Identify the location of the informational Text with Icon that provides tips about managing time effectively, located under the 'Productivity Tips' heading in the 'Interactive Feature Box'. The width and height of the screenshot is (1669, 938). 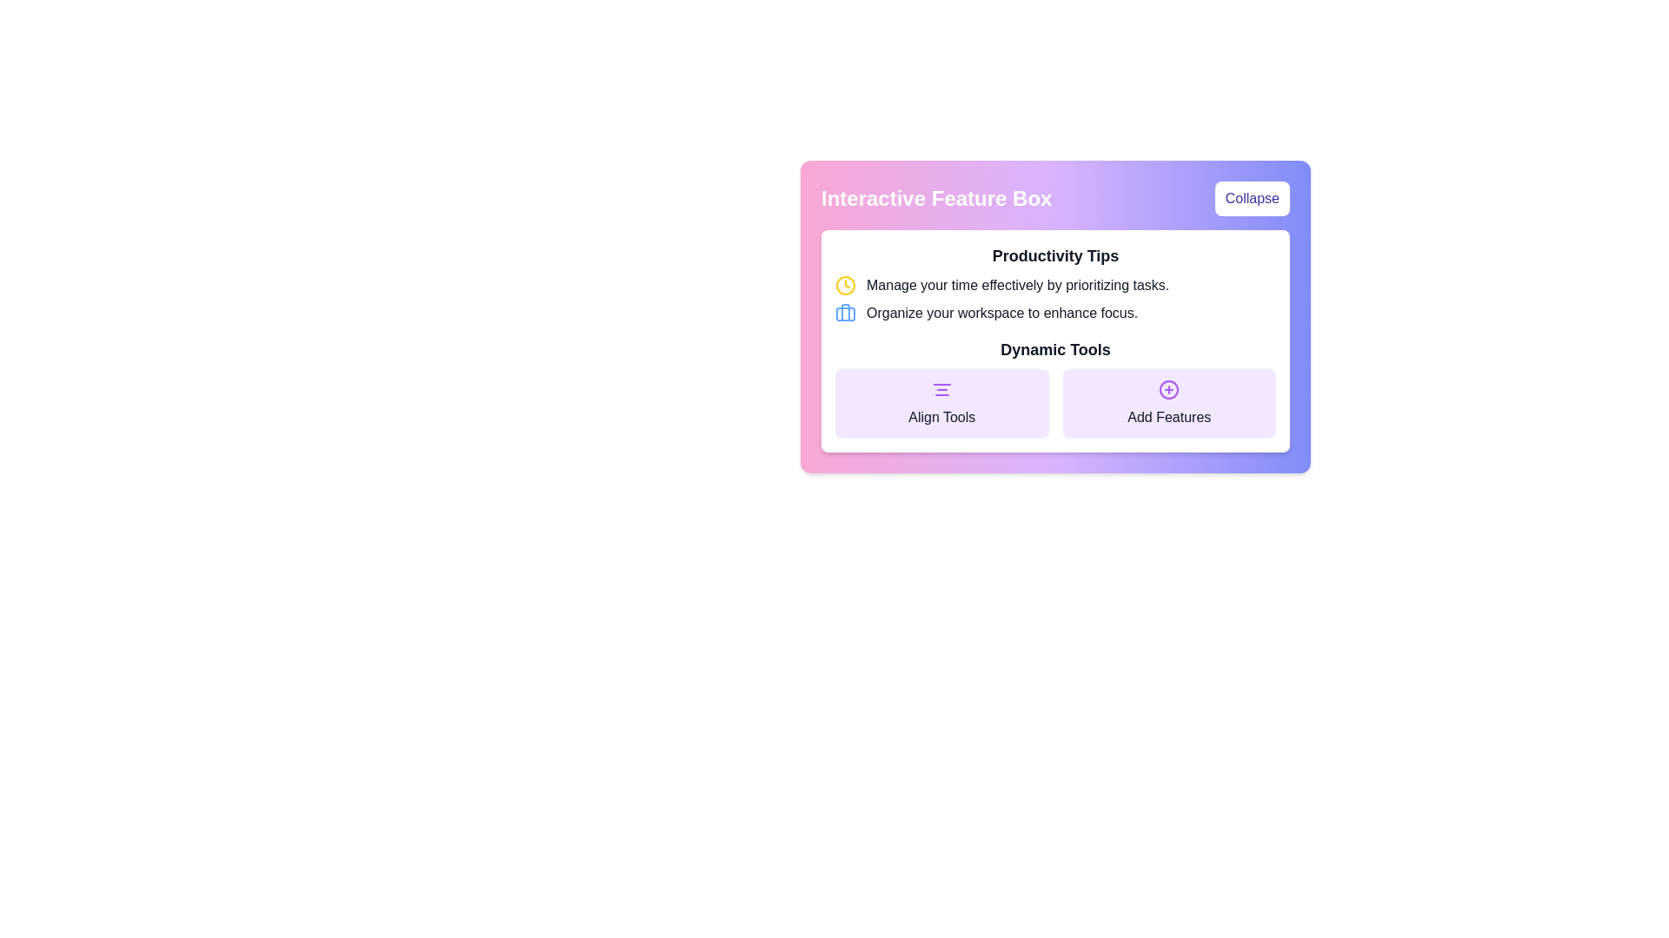
(1054, 284).